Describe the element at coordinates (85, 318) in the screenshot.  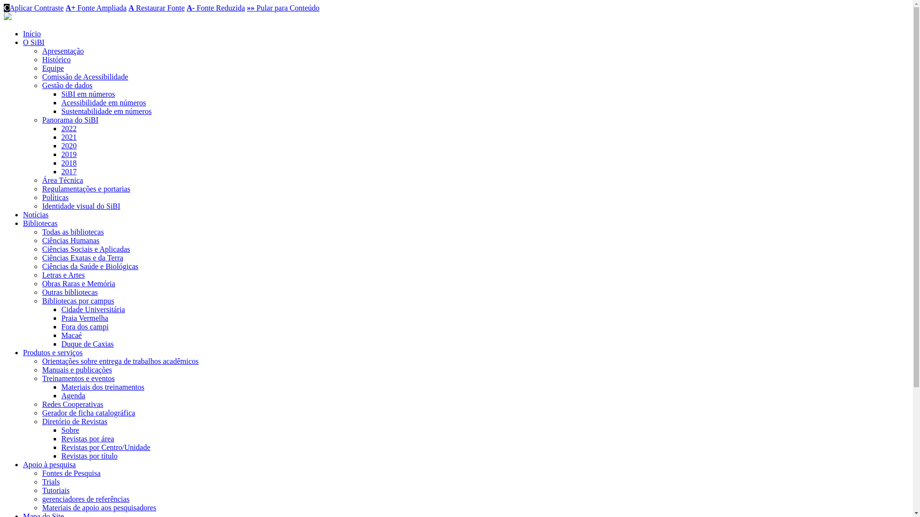
I see `'Praia Vermelha'` at that location.